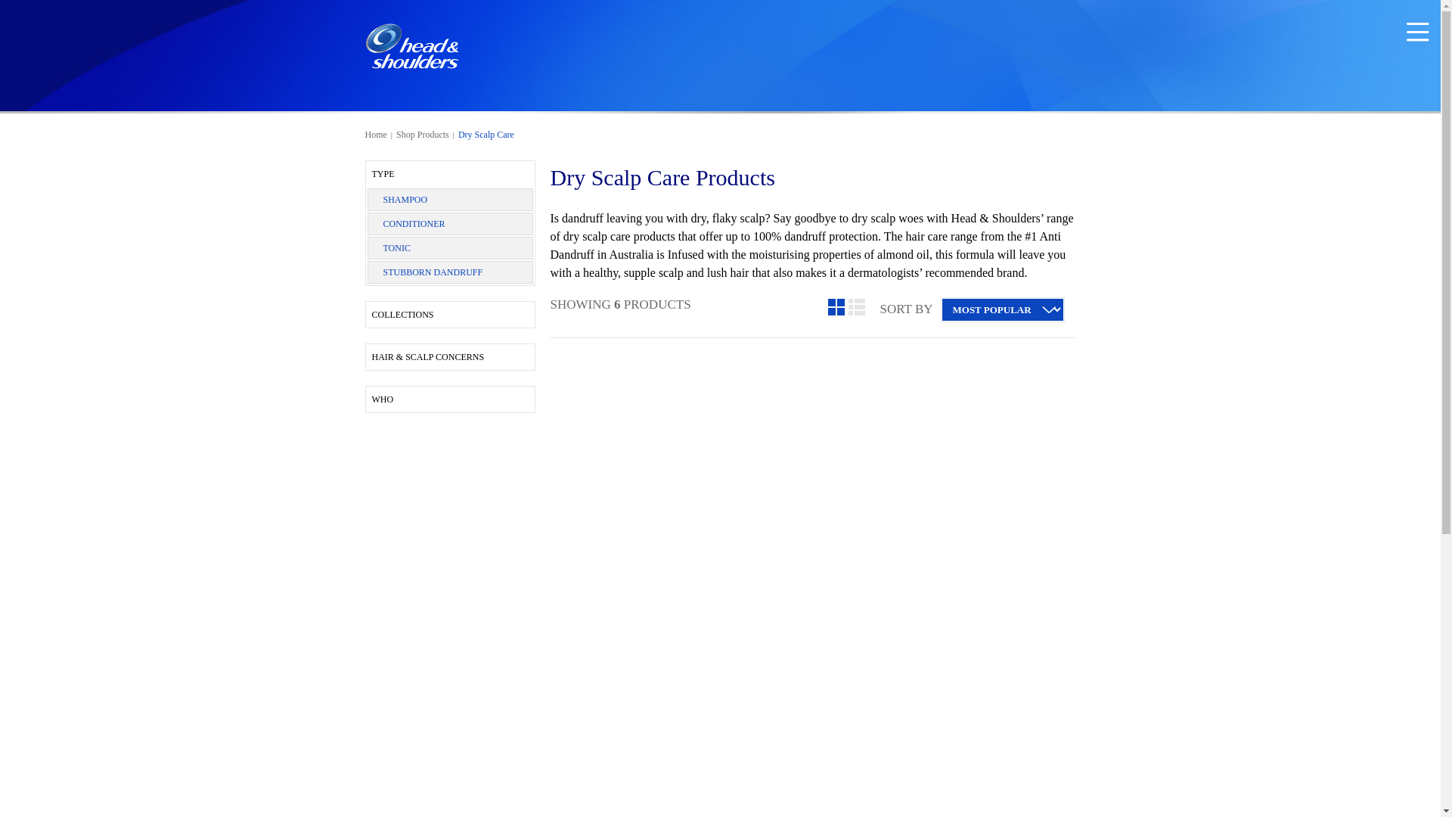  Describe the element at coordinates (431, 271) in the screenshot. I see `'STUBBORN DANDRUFF'` at that location.